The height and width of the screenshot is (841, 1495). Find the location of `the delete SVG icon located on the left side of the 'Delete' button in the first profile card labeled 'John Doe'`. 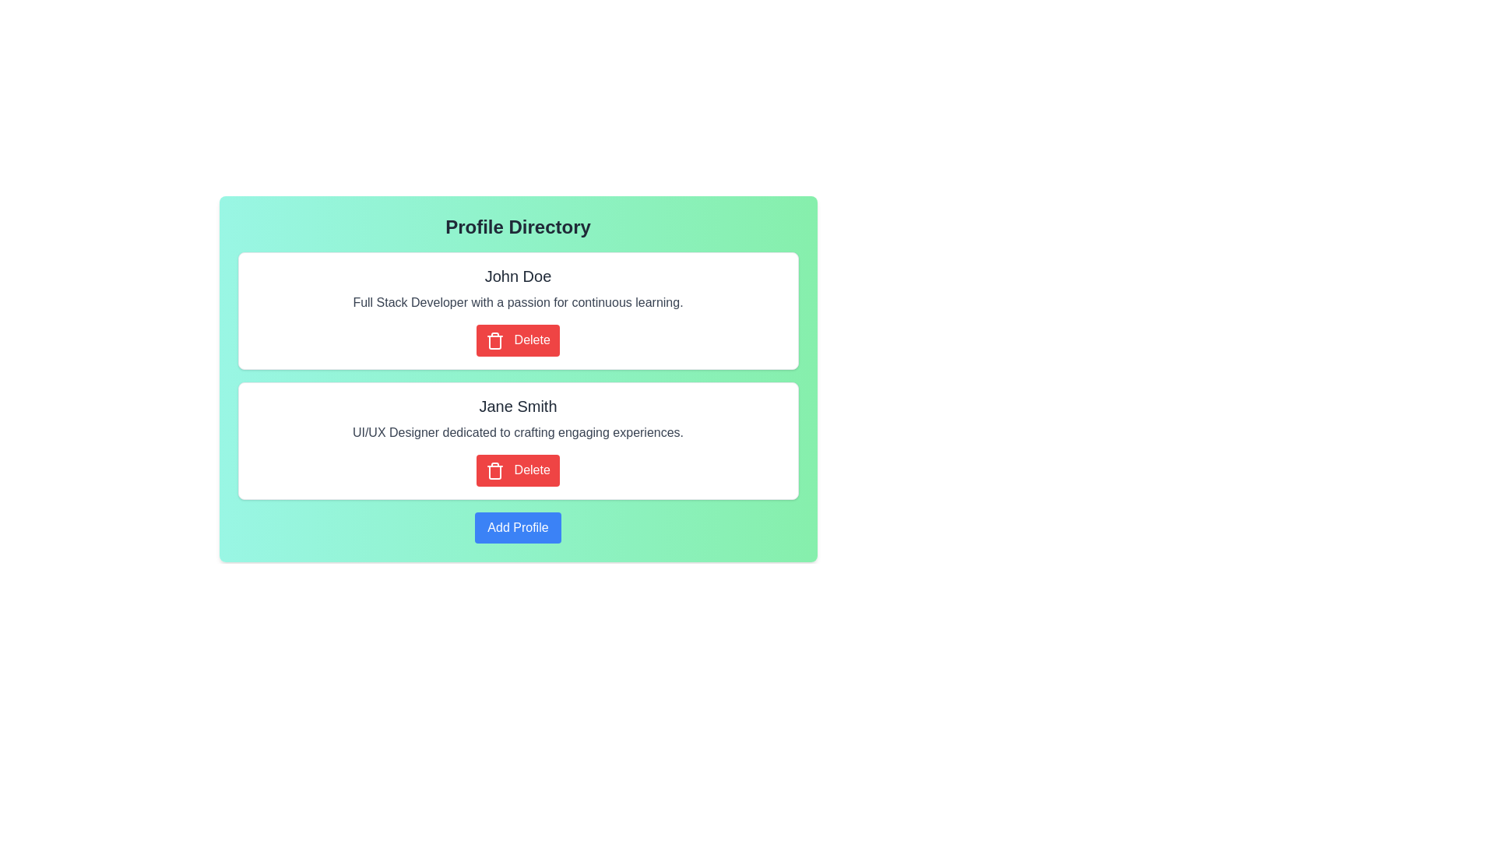

the delete SVG icon located on the left side of the 'Delete' button in the first profile card labeled 'John Doe' is located at coordinates (494, 470).